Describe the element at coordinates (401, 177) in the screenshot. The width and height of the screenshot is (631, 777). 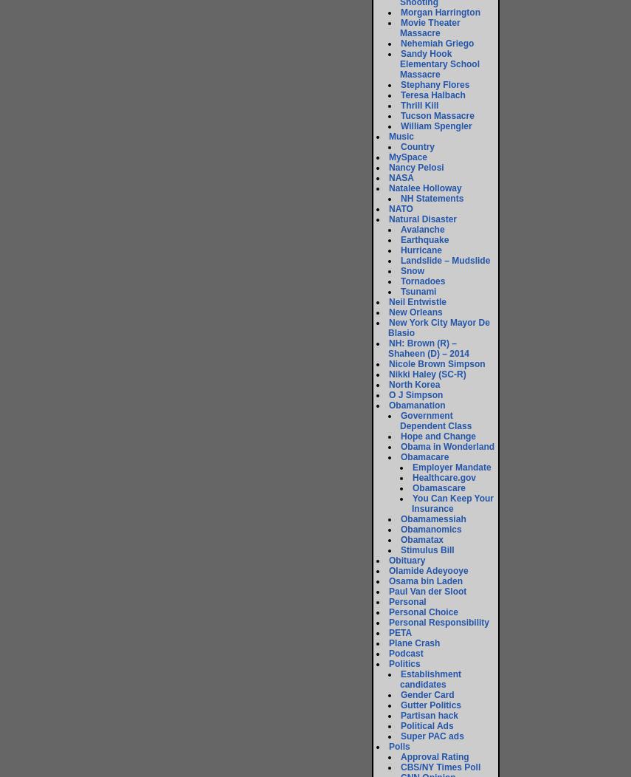
I see `'NASA'` at that location.